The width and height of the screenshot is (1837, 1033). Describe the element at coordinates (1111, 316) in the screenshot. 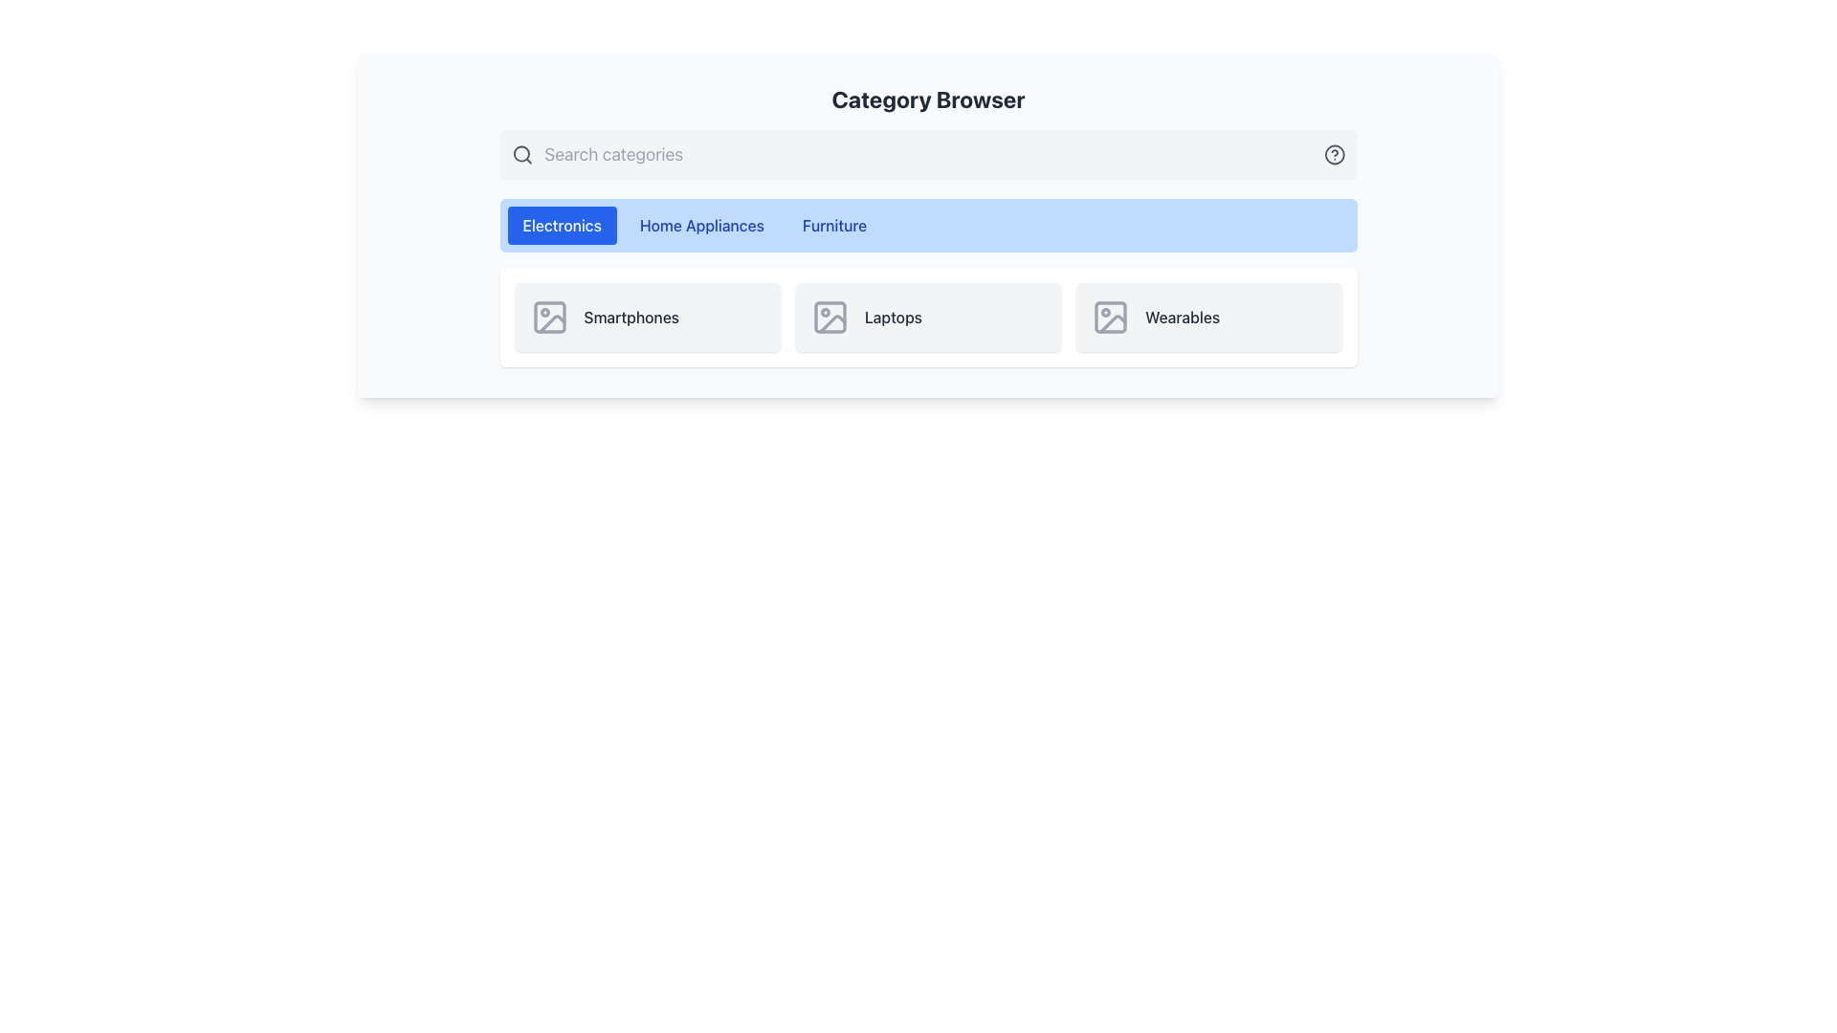

I see `the 'Wearables' category icon, which is located to the left of the text 'Wearables'` at that location.